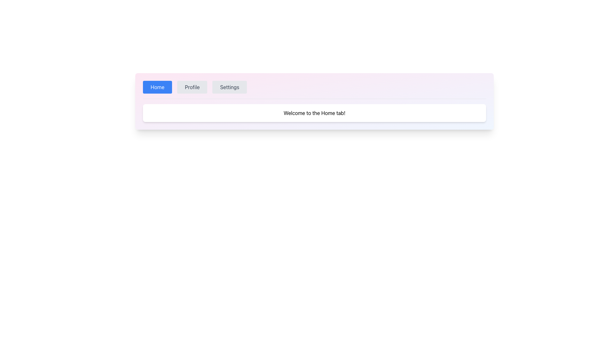 Image resolution: width=614 pixels, height=345 pixels. Describe the element at coordinates (314, 113) in the screenshot. I see `the static text box that contains the text 'Welcome to the Home tab!' which is visually distinct with rounded corners and a white background` at that location.